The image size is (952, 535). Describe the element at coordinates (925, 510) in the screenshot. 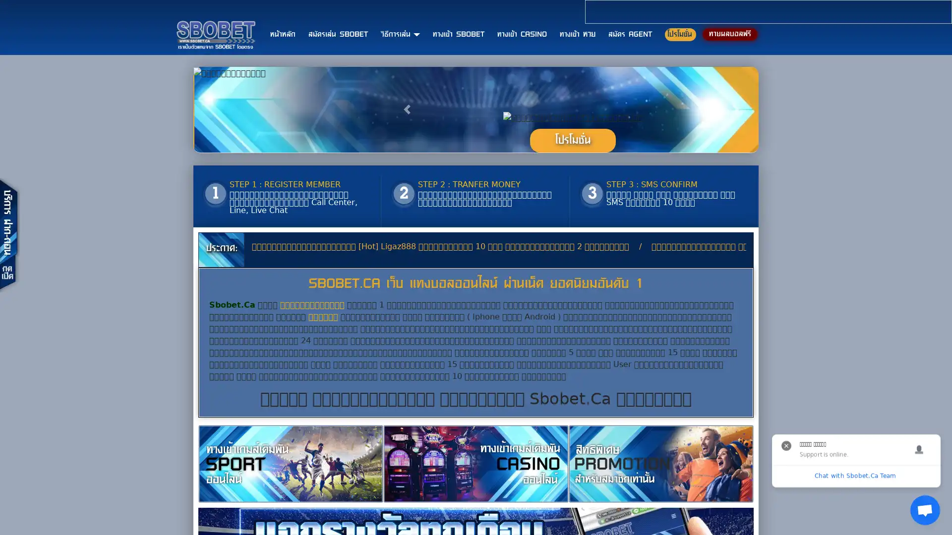

I see `Support is online. Chat with Sbobet.Ca Team` at that location.